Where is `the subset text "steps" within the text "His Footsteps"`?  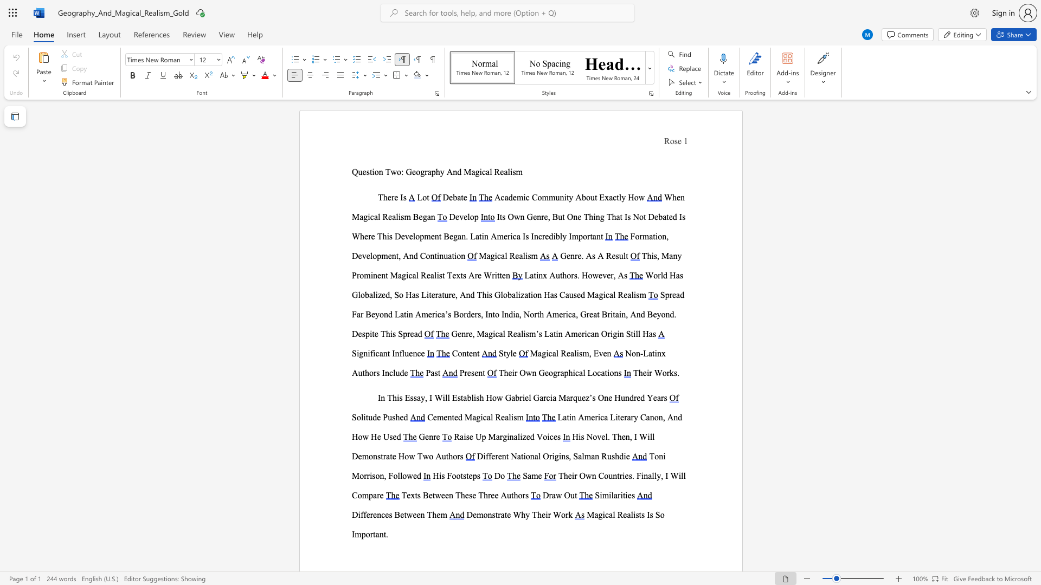
the subset text "steps" within the text "His Footsteps" is located at coordinates (462, 475).